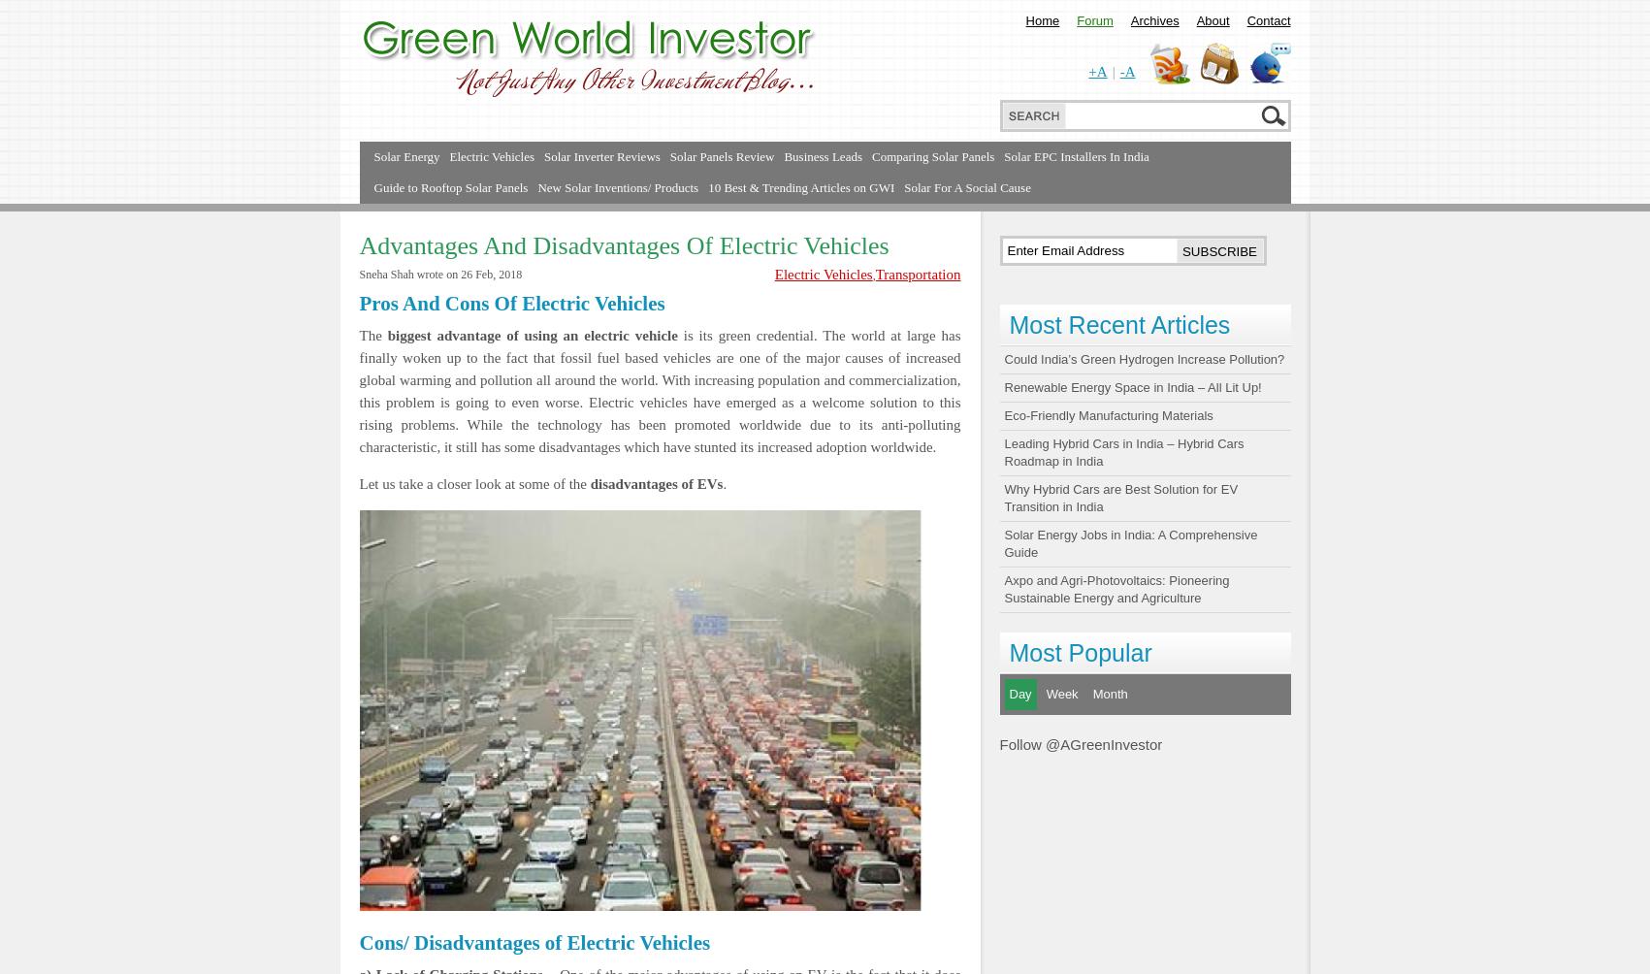 Image resolution: width=1650 pixels, height=974 pixels. I want to click on 'Let us take a closer look at some of the', so click(474, 482).